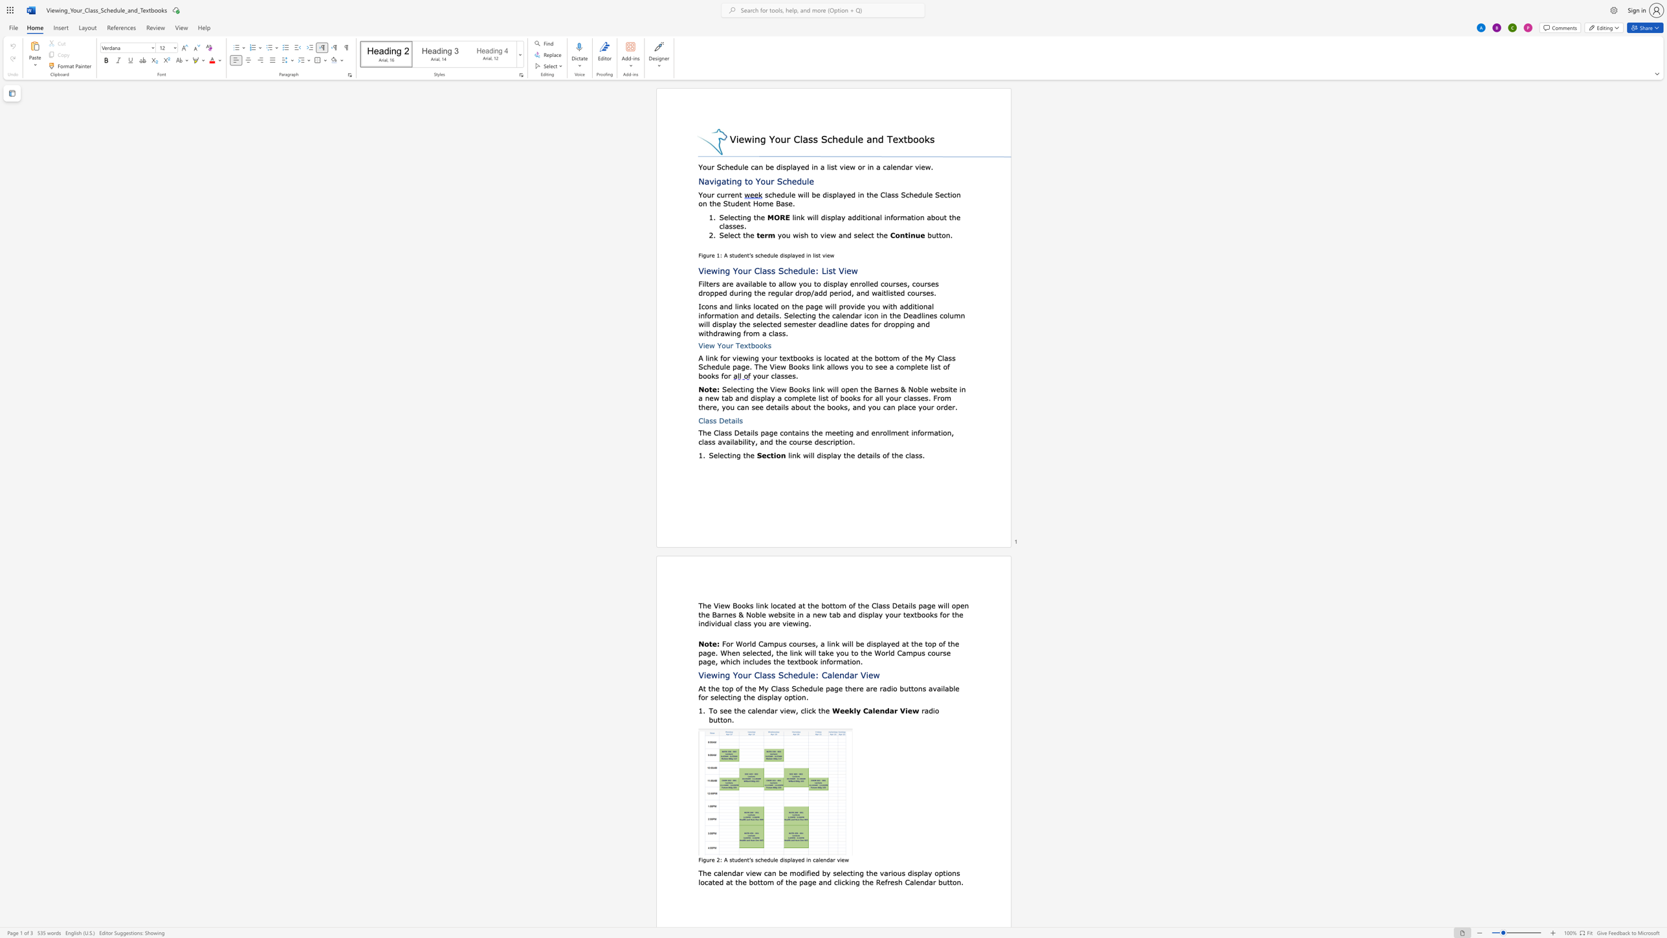 Image resolution: width=1667 pixels, height=938 pixels. Describe the element at coordinates (870, 675) in the screenshot. I see `the 5th character "e" in the text` at that location.